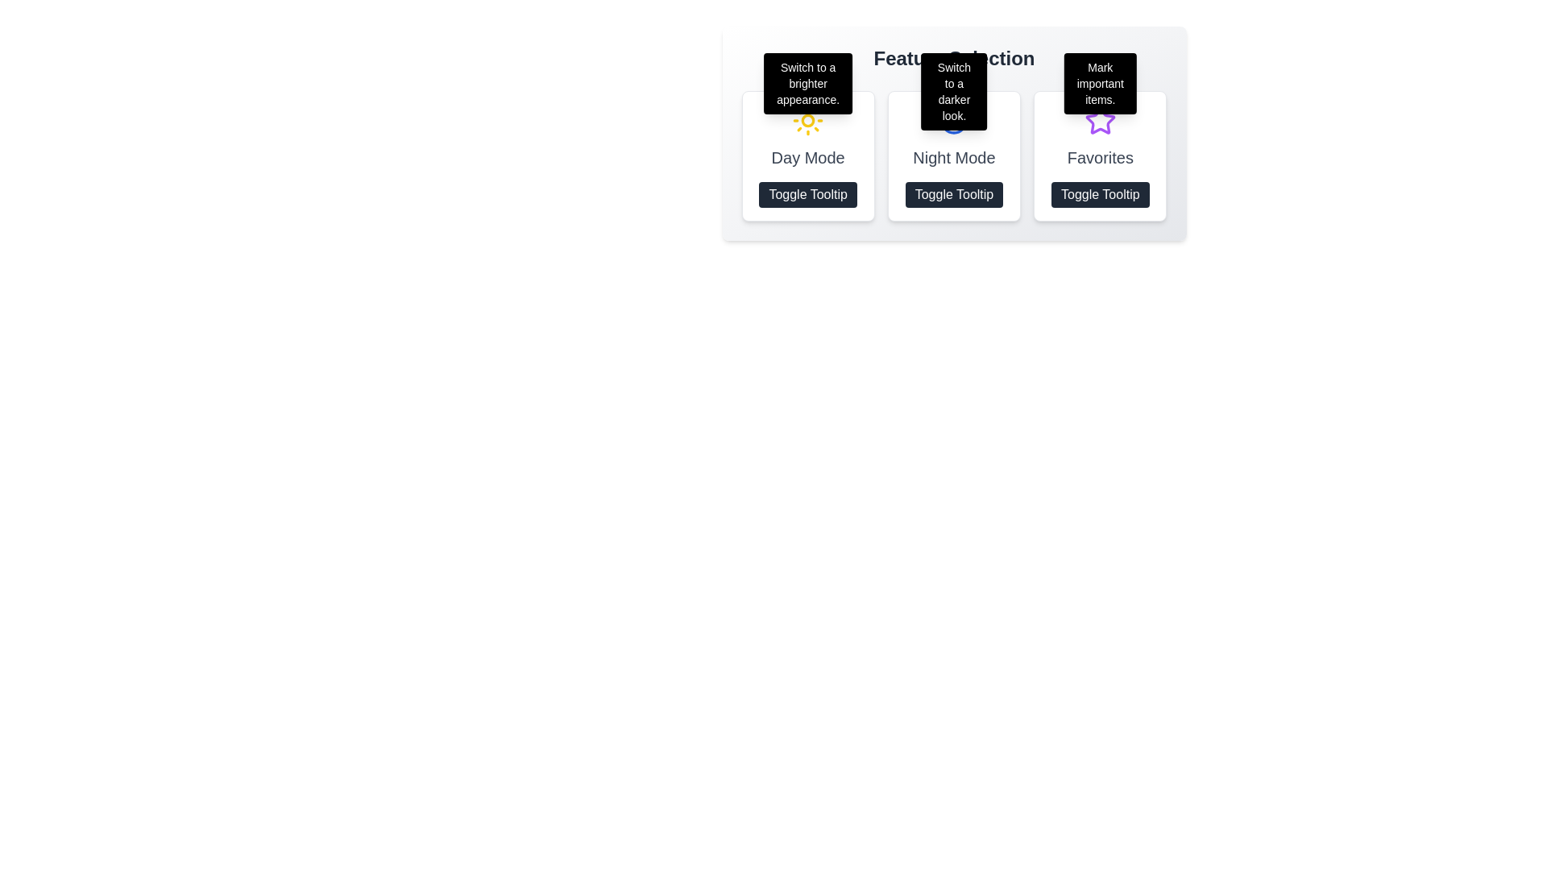  I want to click on the 'Toggle Tooltip' button located within the 'Day Mode' section for keyboard navigation, so click(808, 194).